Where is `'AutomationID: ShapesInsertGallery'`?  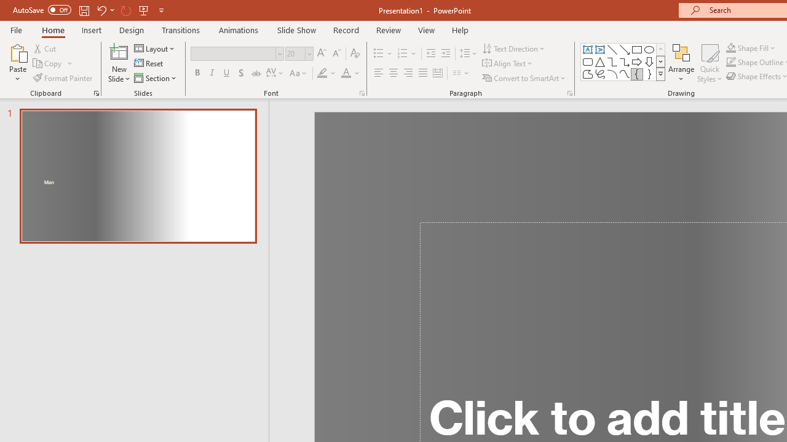
'AutomationID: ShapesInsertGallery' is located at coordinates (623, 61).